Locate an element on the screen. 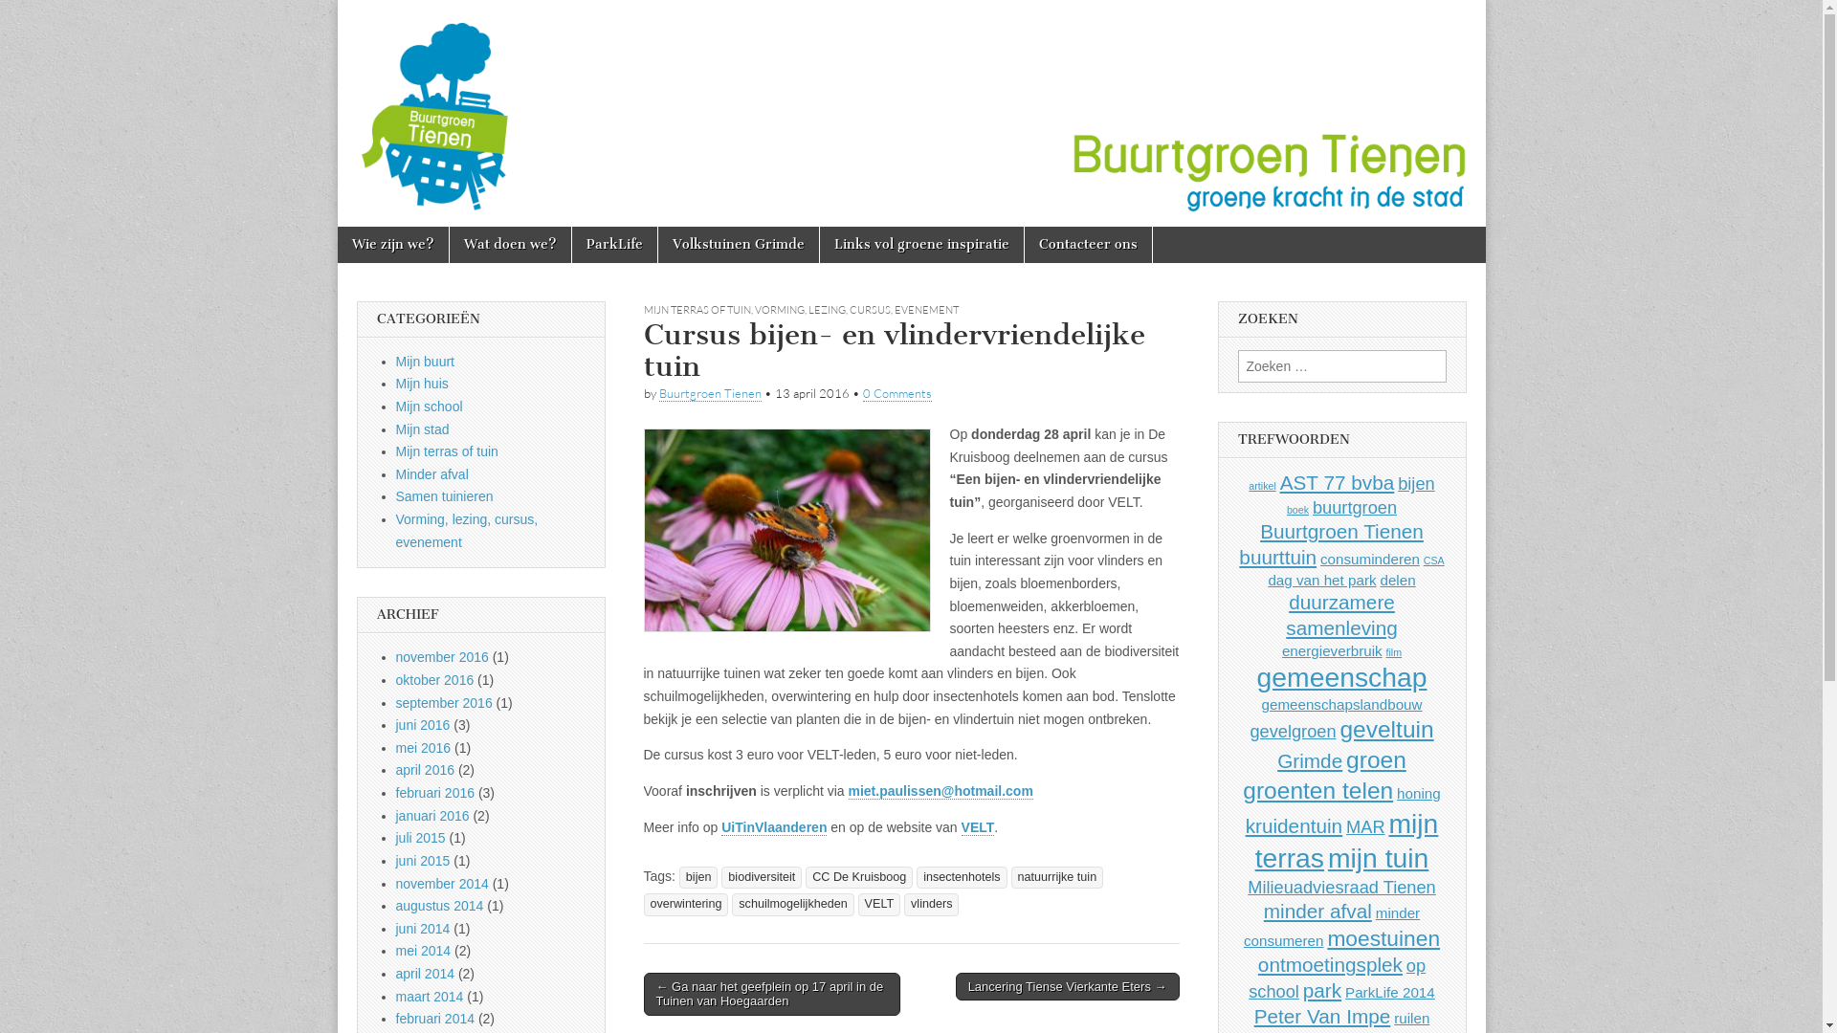 Image resolution: width=1837 pixels, height=1033 pixels. 'oktober 2016' is located at coordinates (434, 678).